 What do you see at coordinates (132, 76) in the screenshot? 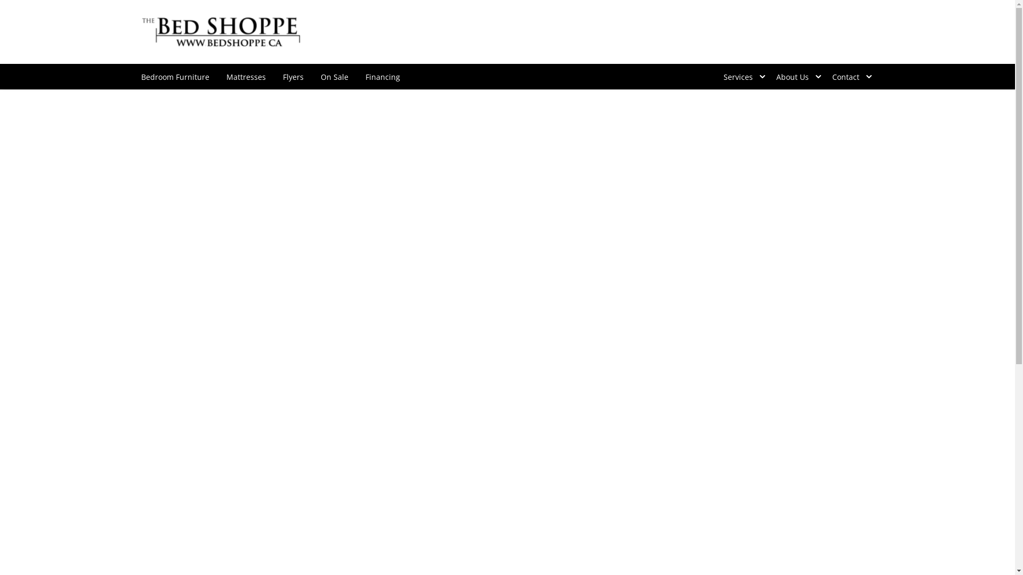
I see `'Bedroom Furniture'` at bounding box center [132, 76].